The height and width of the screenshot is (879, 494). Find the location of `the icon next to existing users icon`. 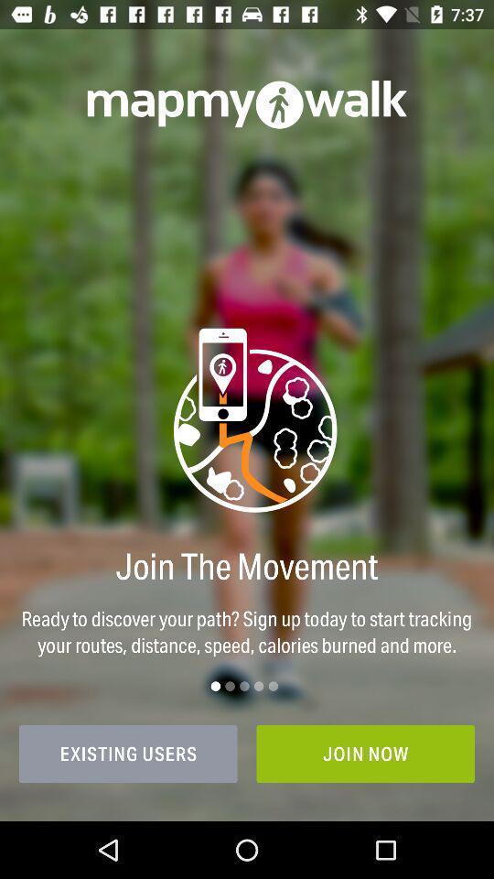

the icon next to existing users icon is located at coordinates (365, 754).